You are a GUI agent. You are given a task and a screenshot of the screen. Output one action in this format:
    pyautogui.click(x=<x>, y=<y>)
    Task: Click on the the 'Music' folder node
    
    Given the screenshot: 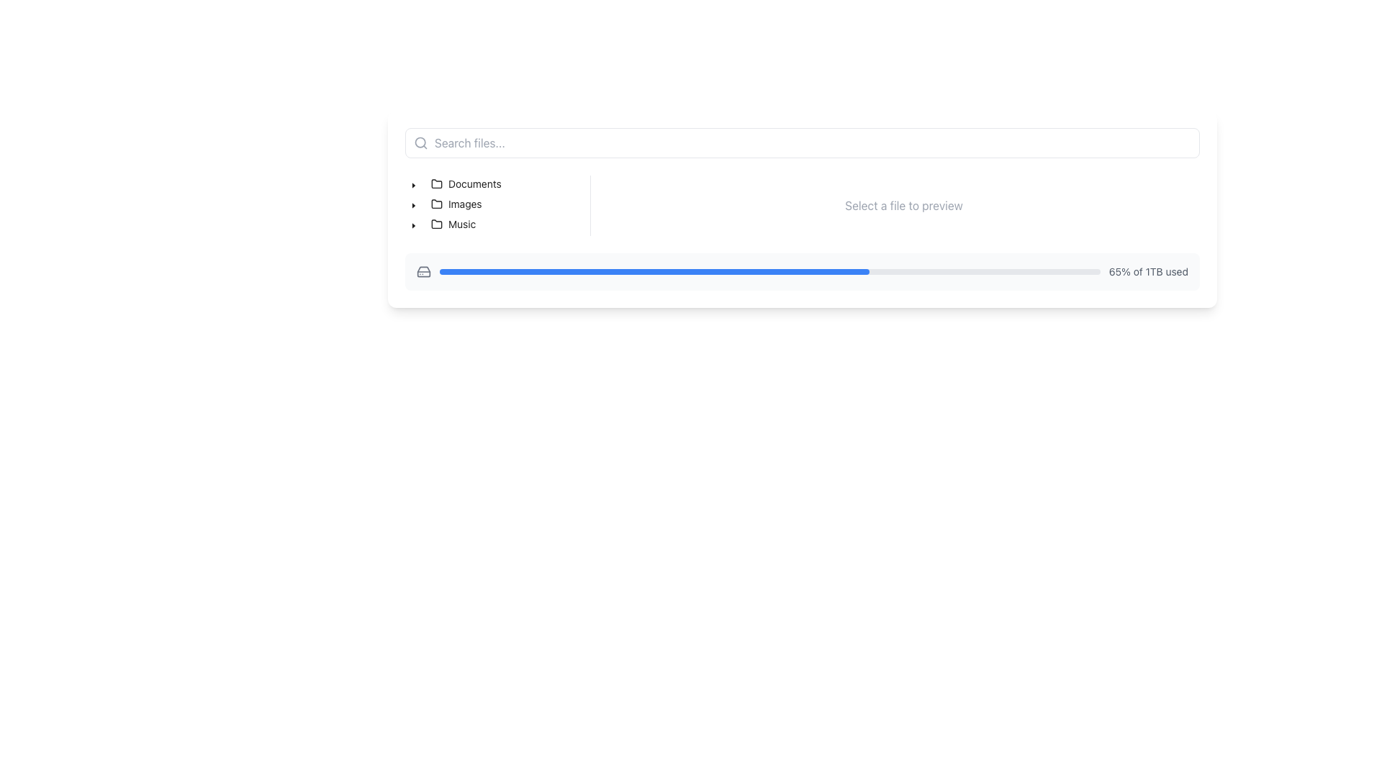 What is the action you would take?
    pyautogui.click(x=453, y=224)
    